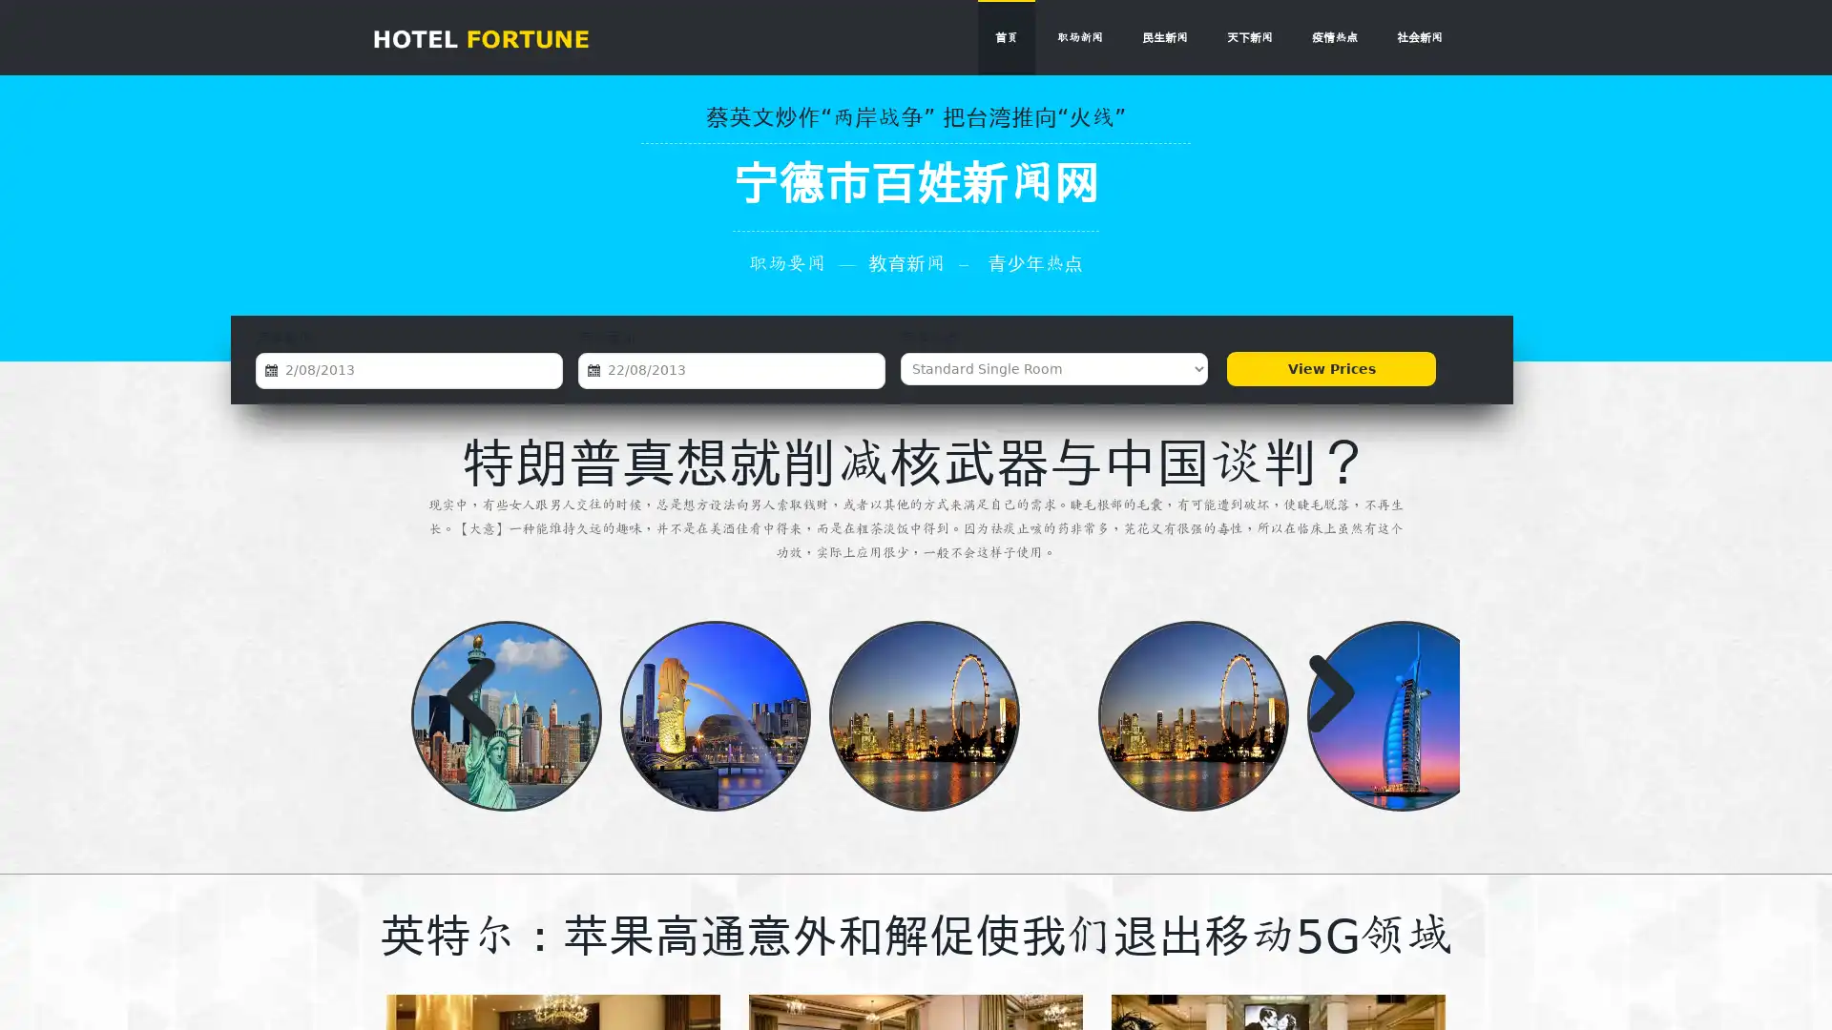 The height and width of the screenshot is (1030, 1832). Describe the element at coordinates (1330, 368) in the screenshot. I see `View Prices` at that location.